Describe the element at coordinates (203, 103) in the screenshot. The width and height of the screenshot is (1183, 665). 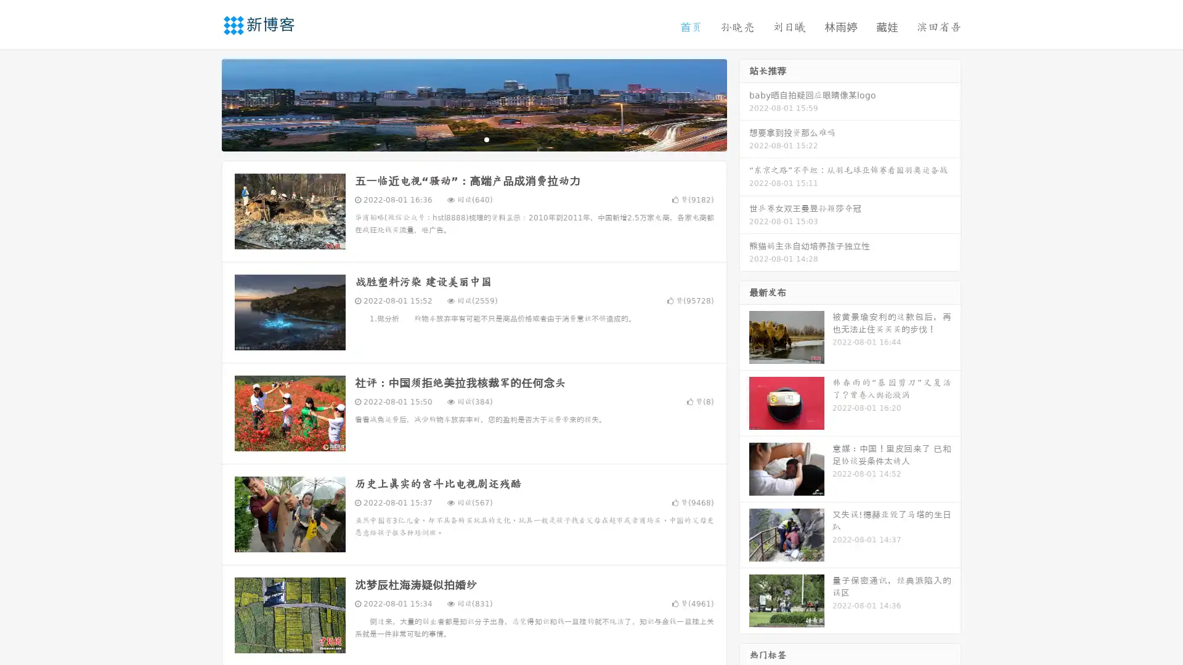
I see `Previous slide` at that location.